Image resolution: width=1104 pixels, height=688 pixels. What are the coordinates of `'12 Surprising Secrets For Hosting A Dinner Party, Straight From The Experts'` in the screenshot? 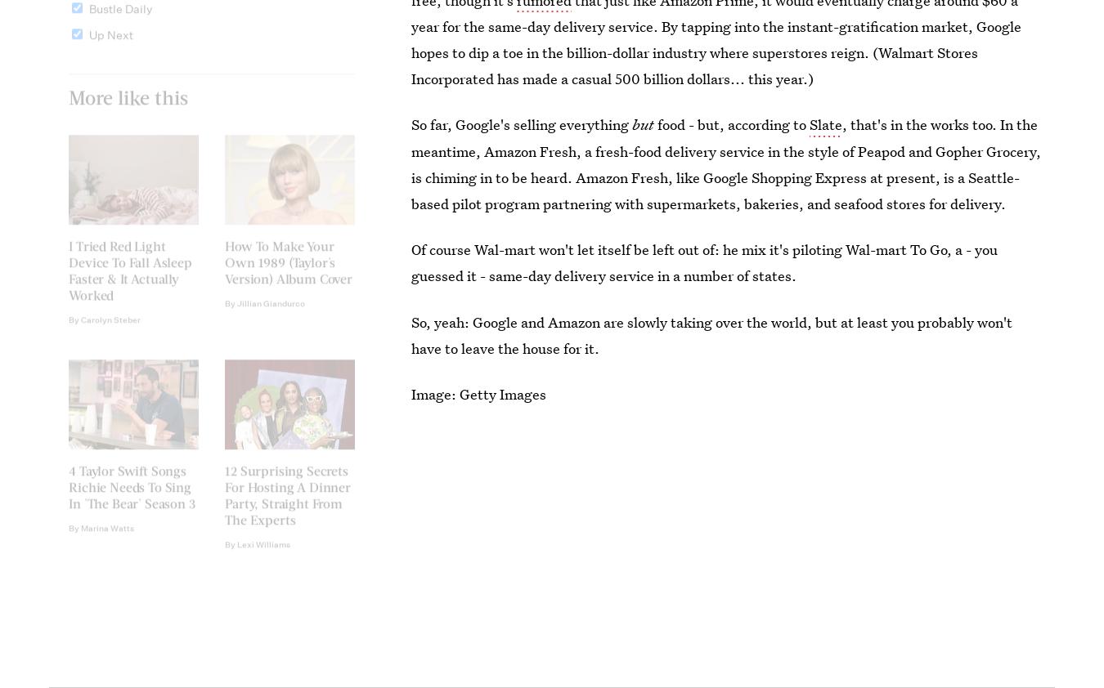 It's located at (287, 506).